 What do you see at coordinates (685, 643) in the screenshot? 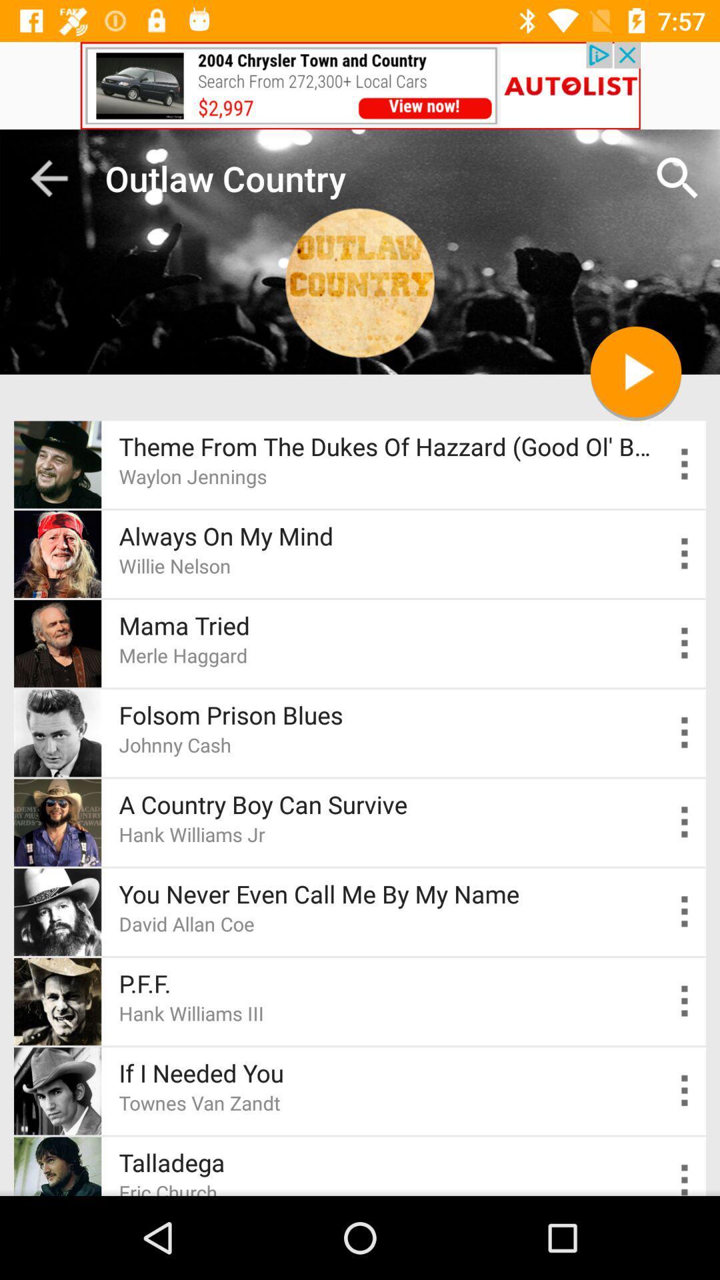
I see `open more settings` at bounding box center [685, 643].